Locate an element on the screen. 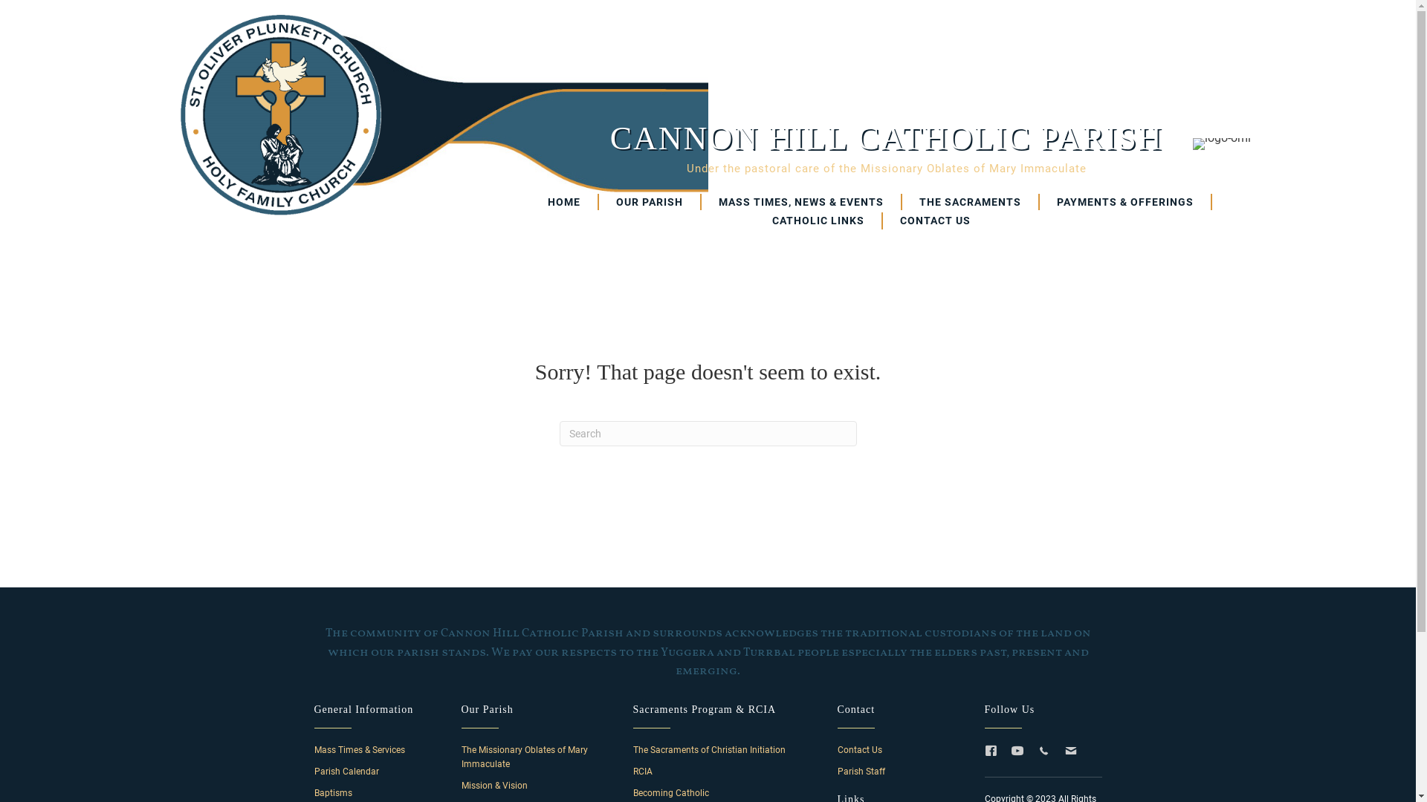 This screenshot has width=1427, height=802. 'CONTACT US' is located at coordinates (934, 221).